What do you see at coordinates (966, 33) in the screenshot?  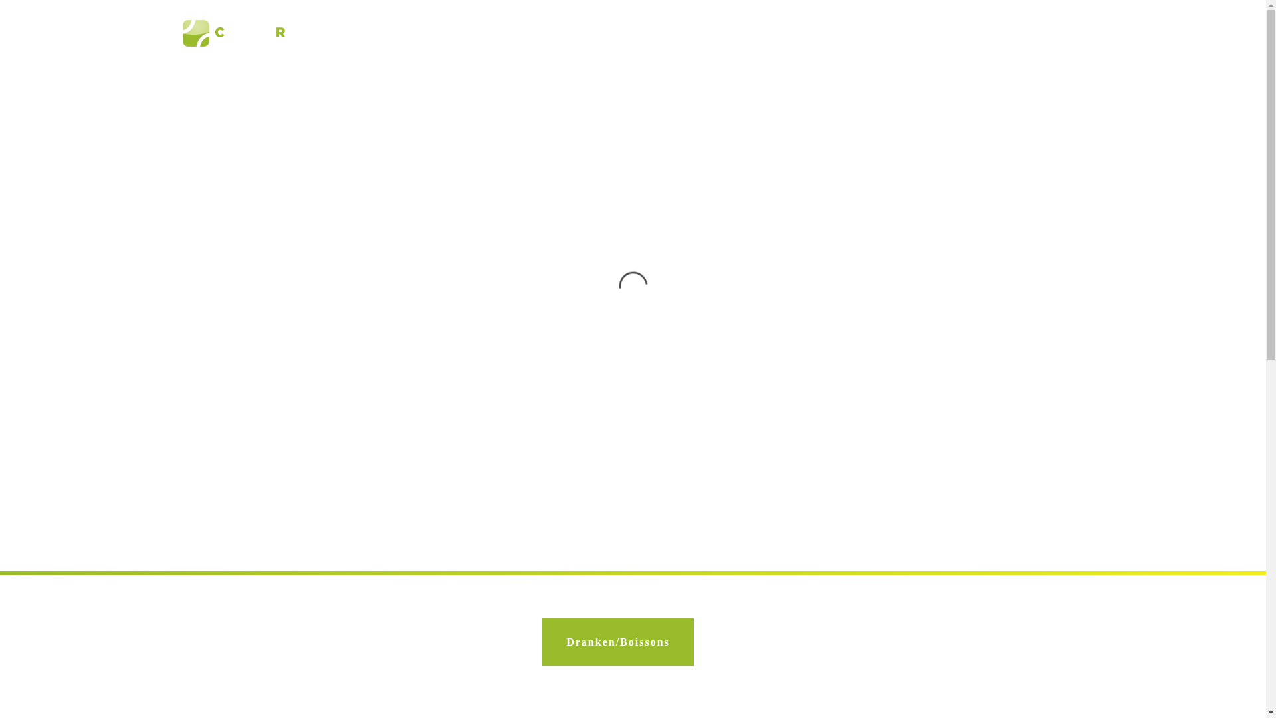 I see `'CLUB-OUTFIT'` at bounding box center [966, 33].